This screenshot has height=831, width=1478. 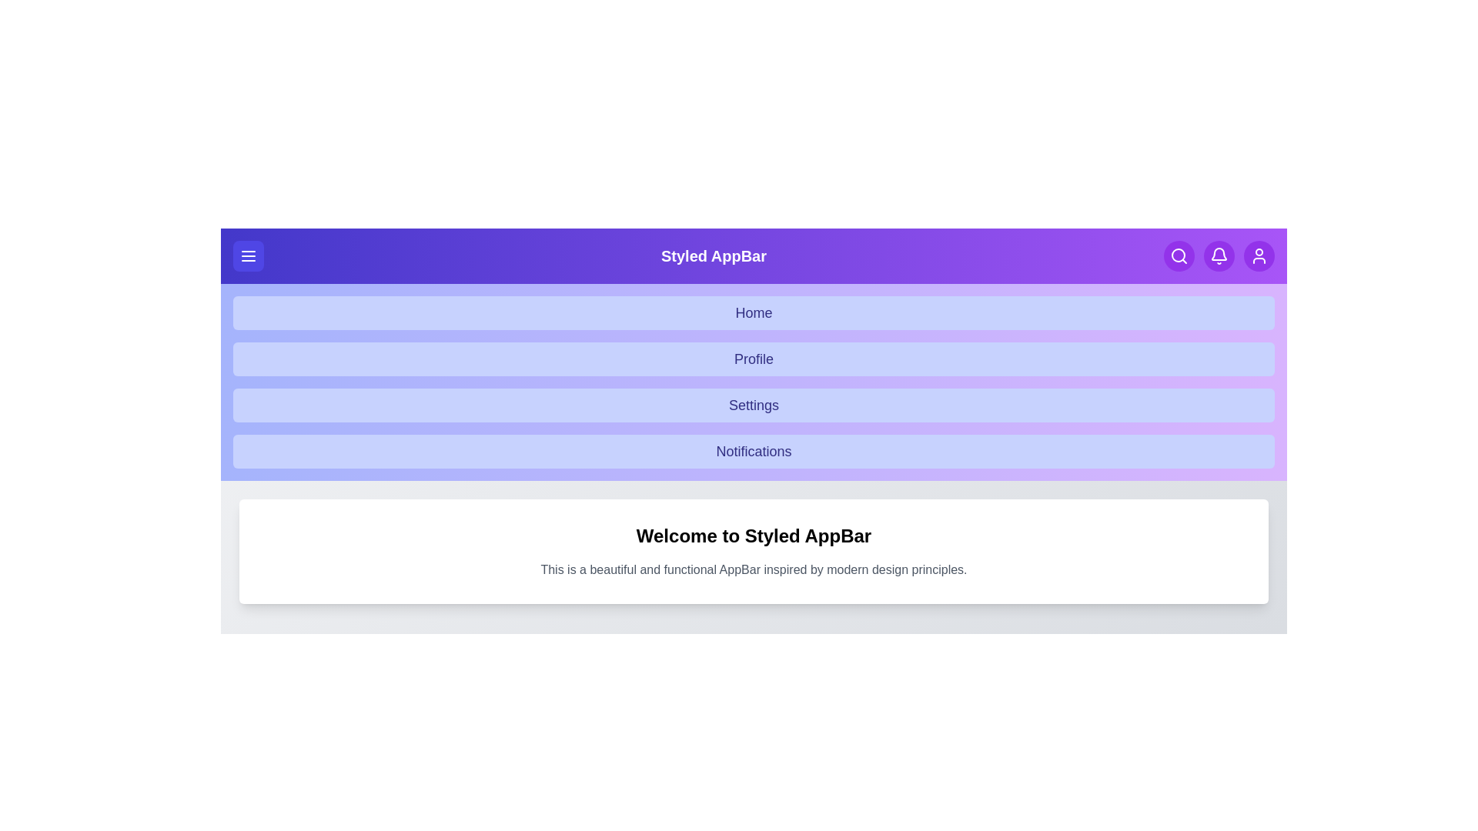 What do you see at coordinates (754, 359) in the screenshot?
I see `the navigation item labeled Profile` at bounding box center [754, 359].